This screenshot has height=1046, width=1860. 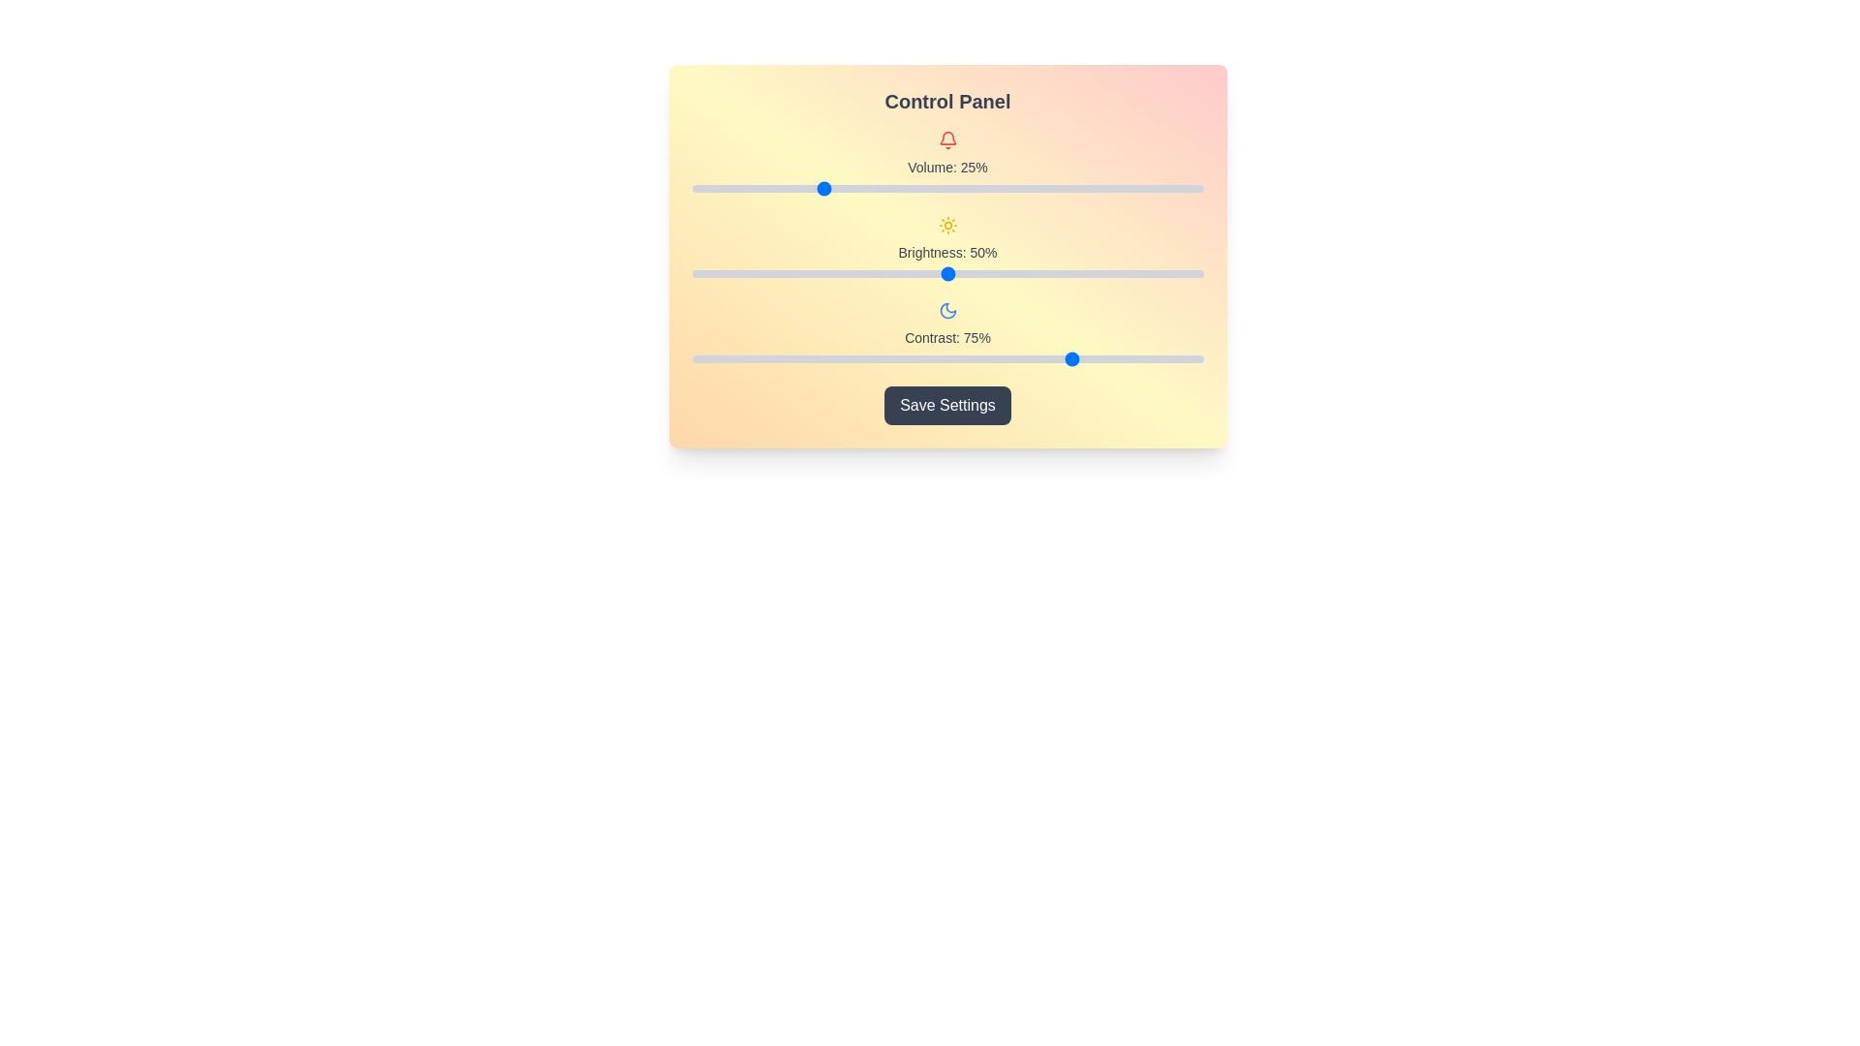 I want to click on the text label that indicates the current brightness level of the interface, which displays a percentage value of 50%, so click(x=947, y=252).